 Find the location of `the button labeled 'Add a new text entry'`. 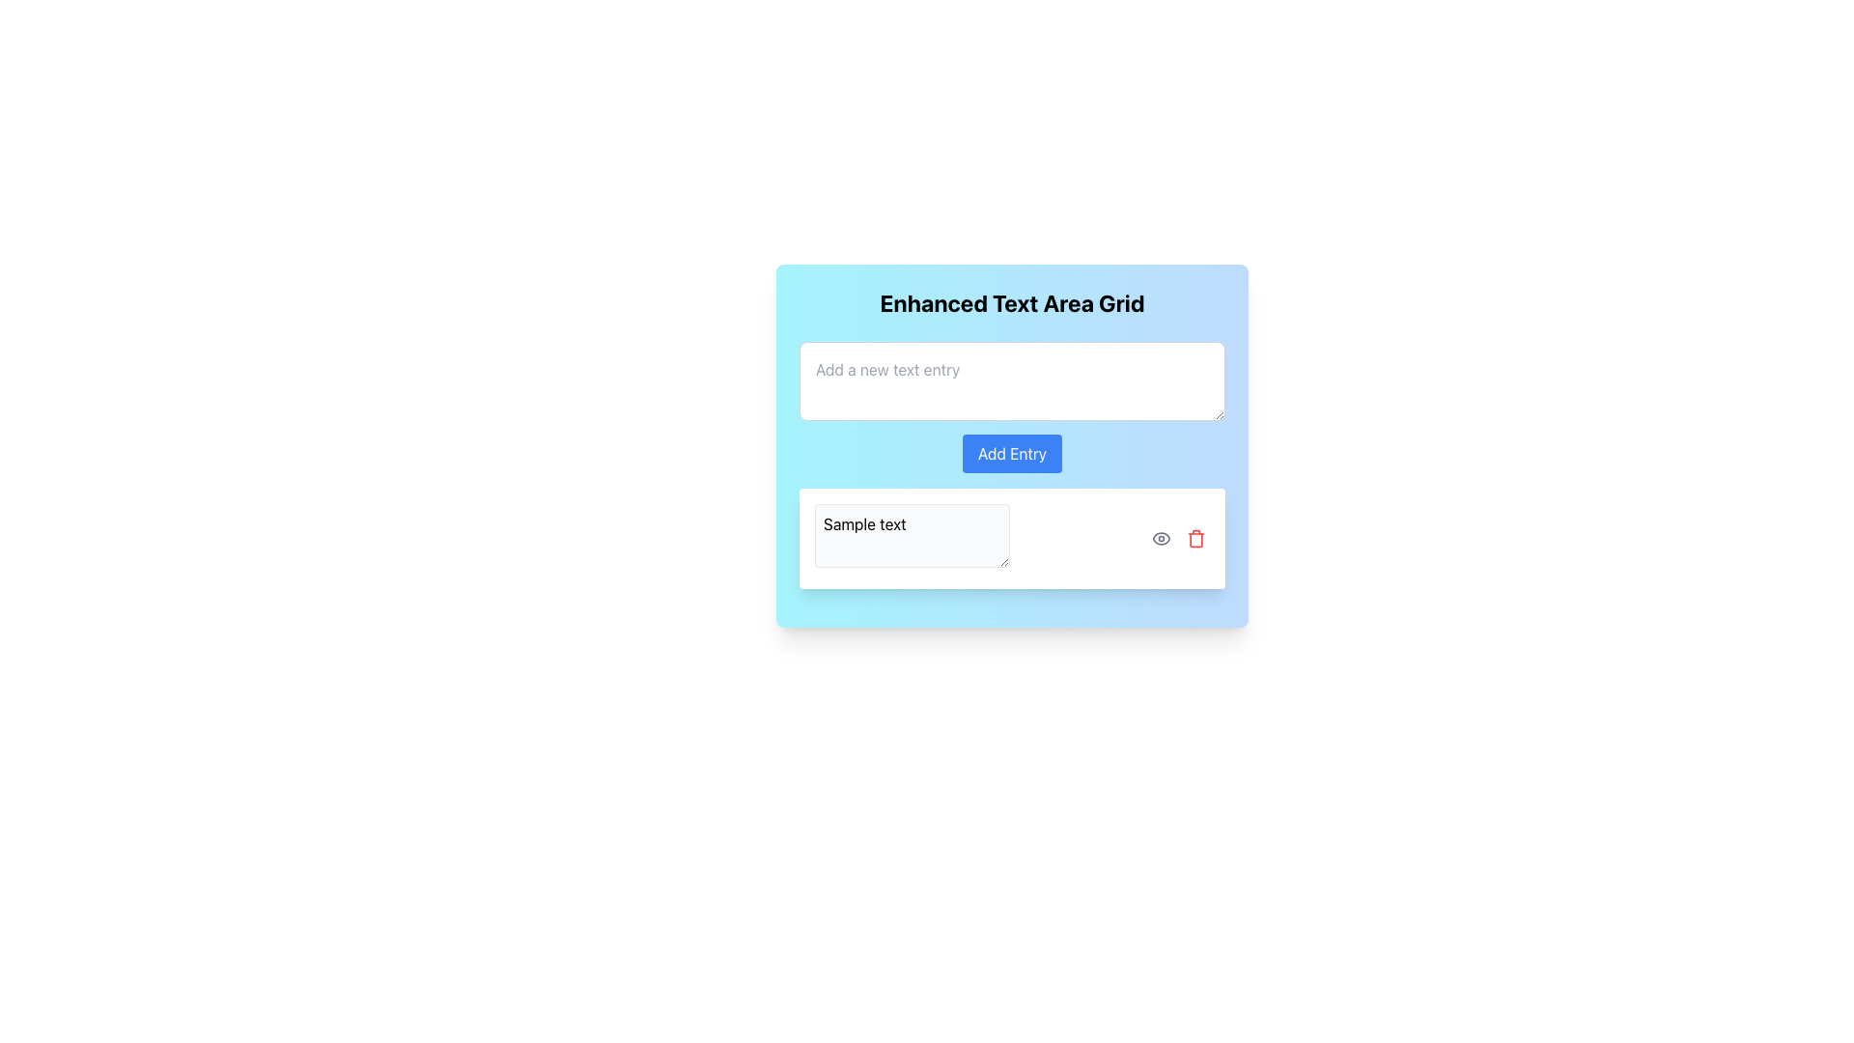

the button labeled 'Add a new text entry' is located at coordinates (1011, 454).